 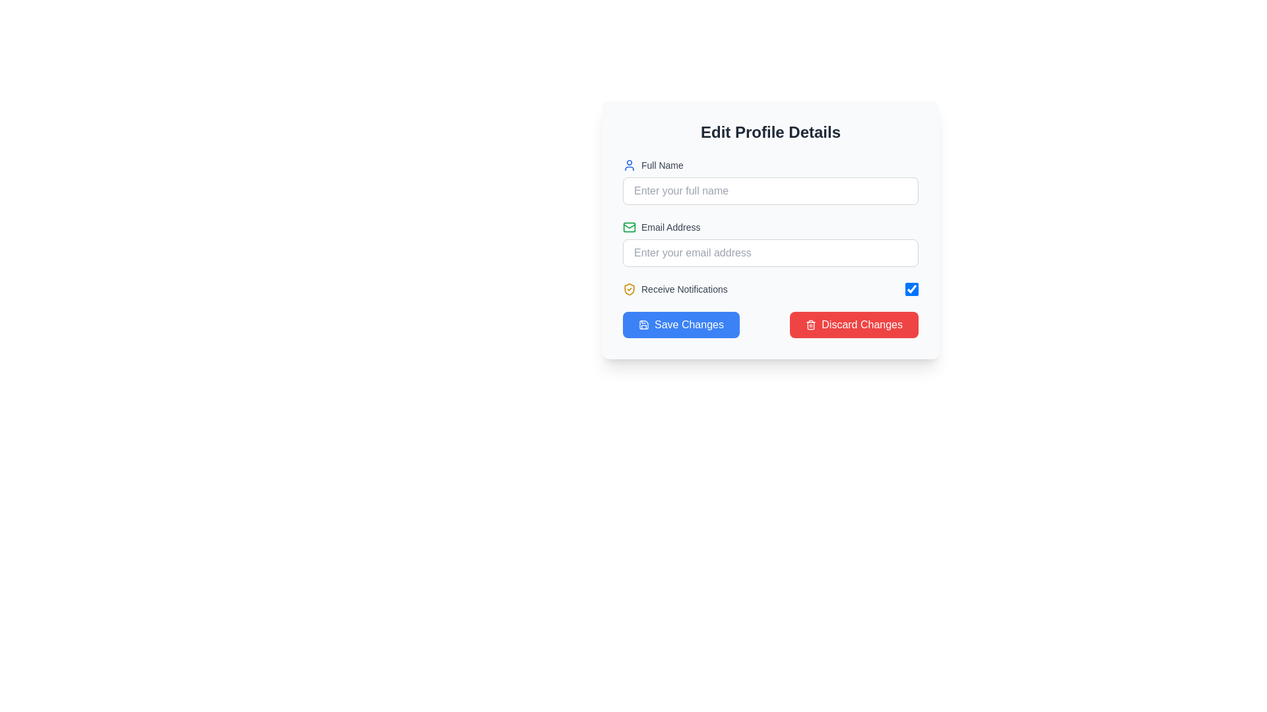 I want to click on the red 'Discard Changes' button with white text and a trash bin icon, so click(x=854, y=325).